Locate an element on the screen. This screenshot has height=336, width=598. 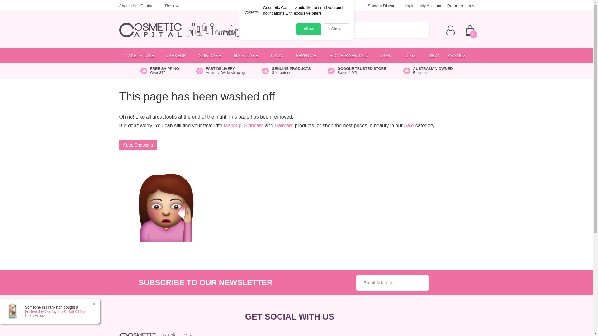
'Sale' is located at coordinates (409, 125).